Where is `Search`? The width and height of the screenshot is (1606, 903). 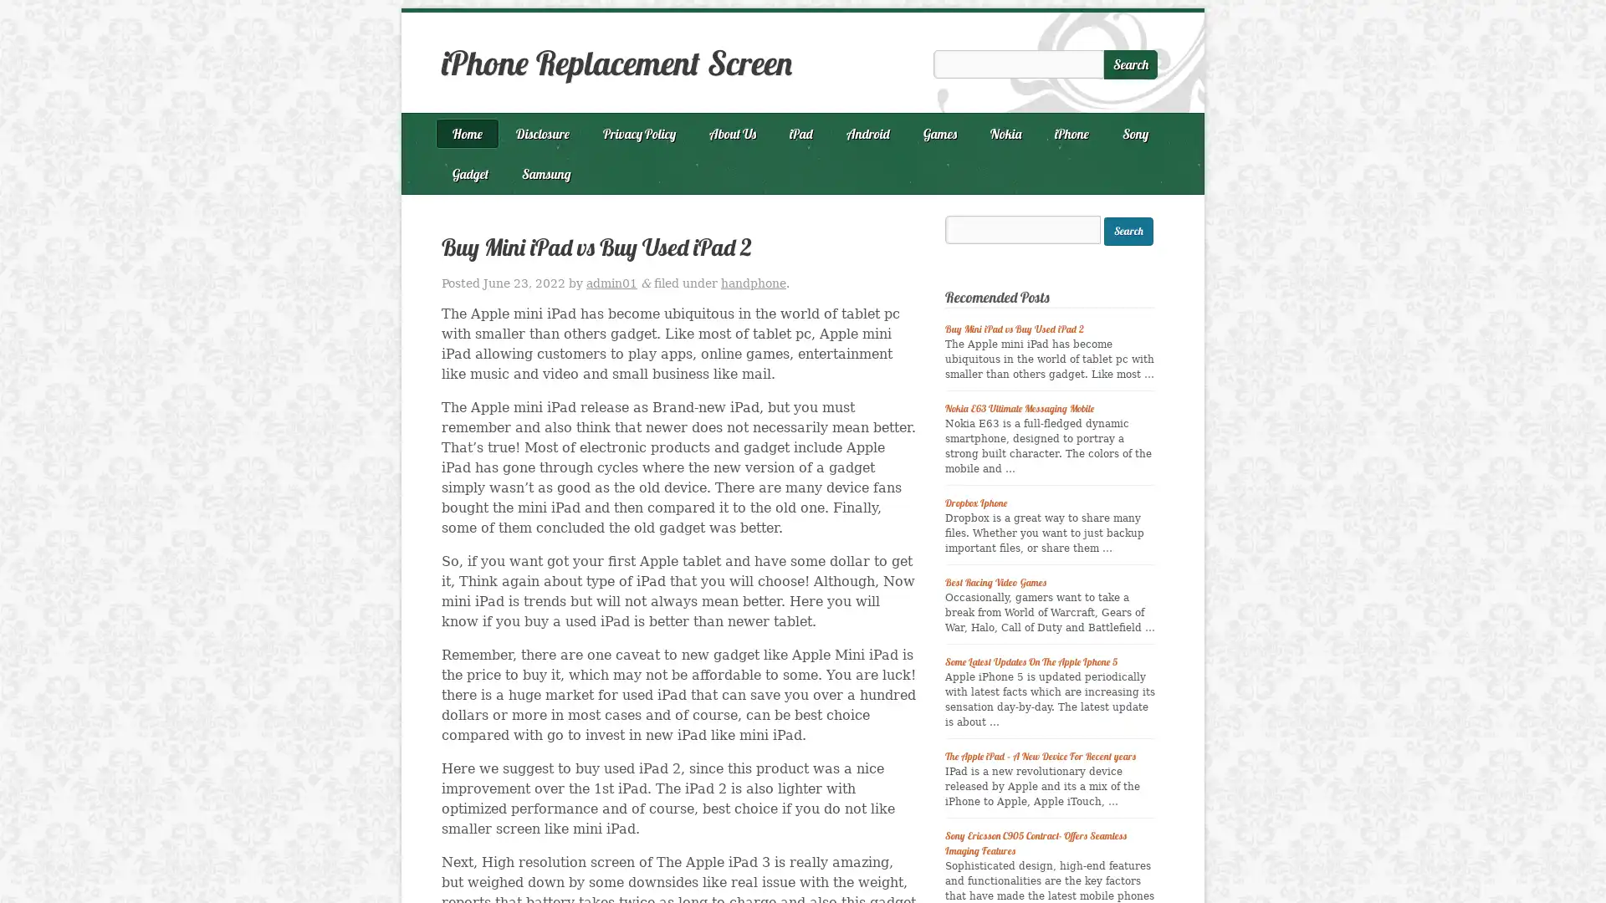 Search is located at coordinates (1128, 230).